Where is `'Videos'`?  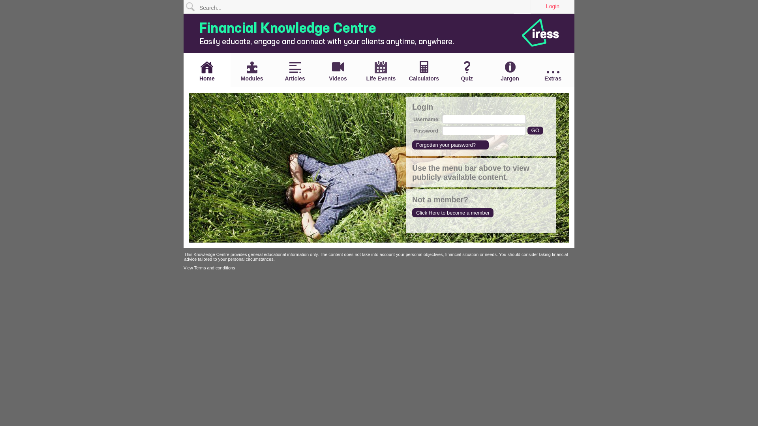
'Videos' is located at coordinates (316, 71).